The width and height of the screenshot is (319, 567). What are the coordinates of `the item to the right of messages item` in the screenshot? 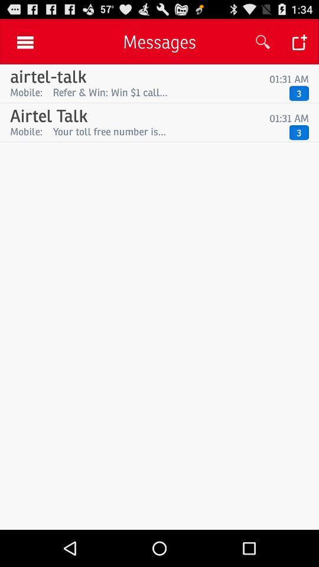 It's located at (263, 42).